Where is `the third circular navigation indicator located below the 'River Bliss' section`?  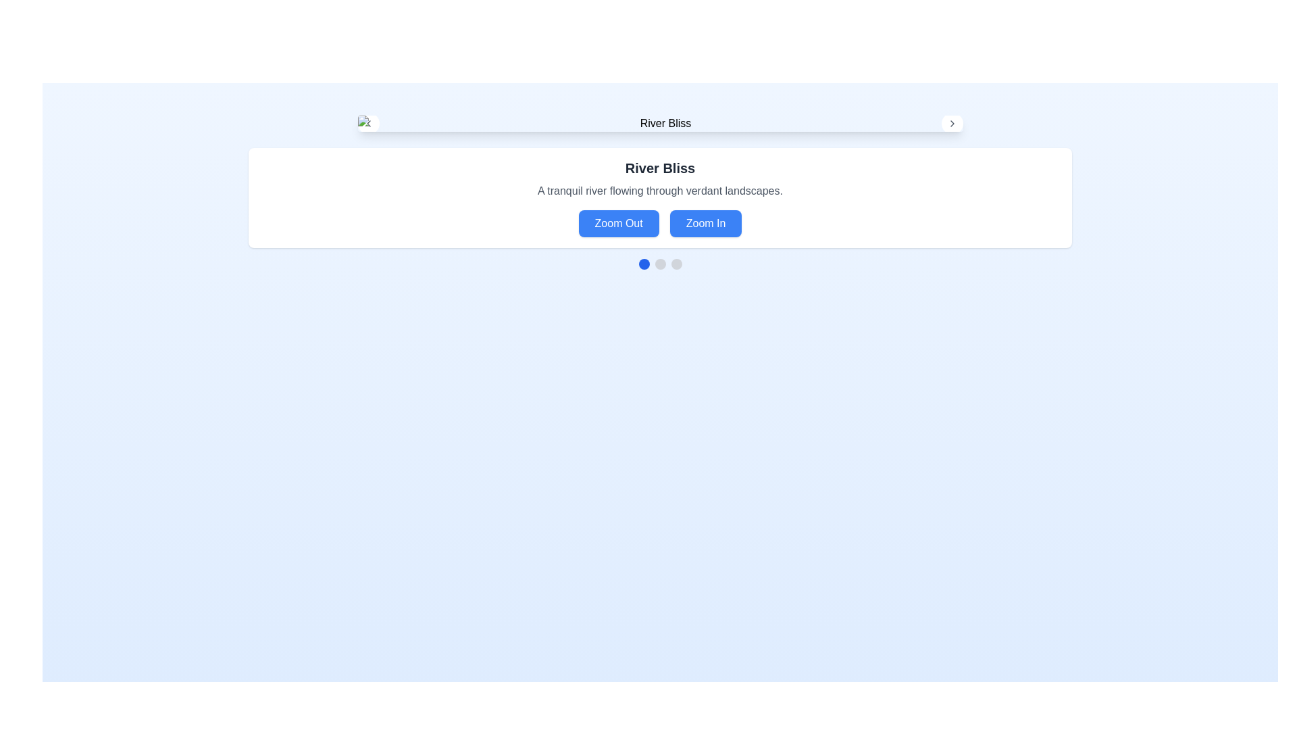
the third circular navigation indicator located below the 'River Bliss' section is located at coordinates (676, 264).